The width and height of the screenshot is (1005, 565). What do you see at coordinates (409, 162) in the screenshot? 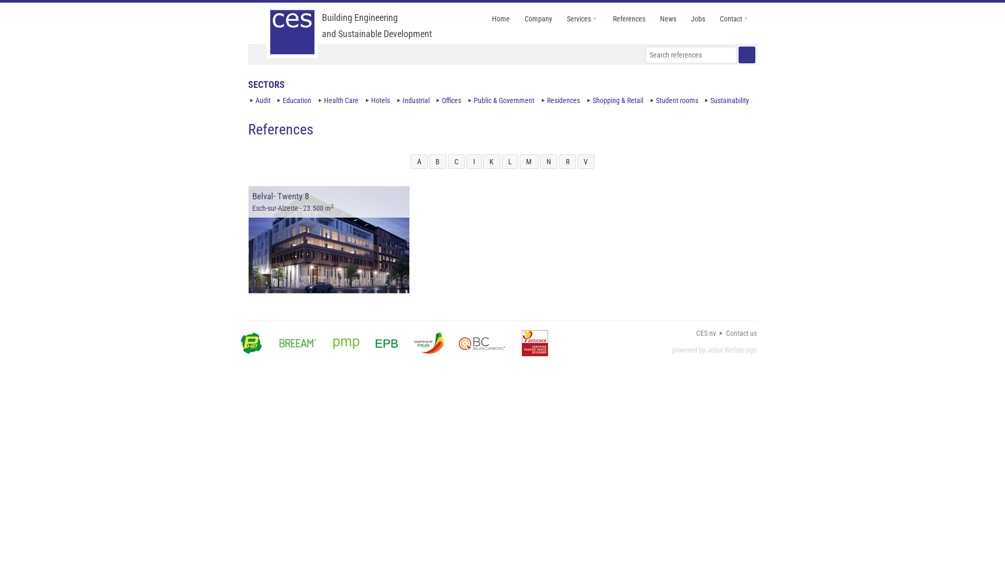
I see `'A'` at bounding box center [409, 162].